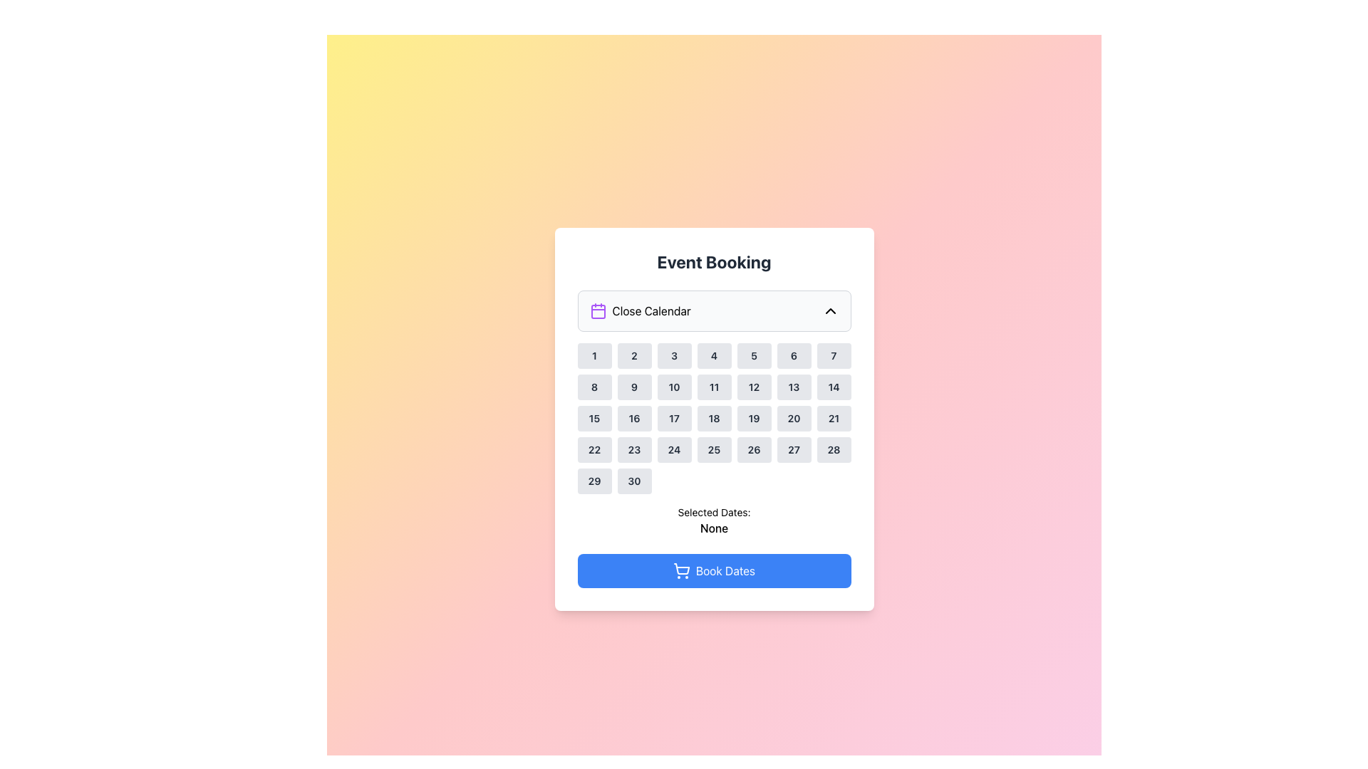  What do you see at coordinates (834, 355) in the screenshot?
I see `the button representing the date '7' in the calendar interface` at bounding box center [834, 355].